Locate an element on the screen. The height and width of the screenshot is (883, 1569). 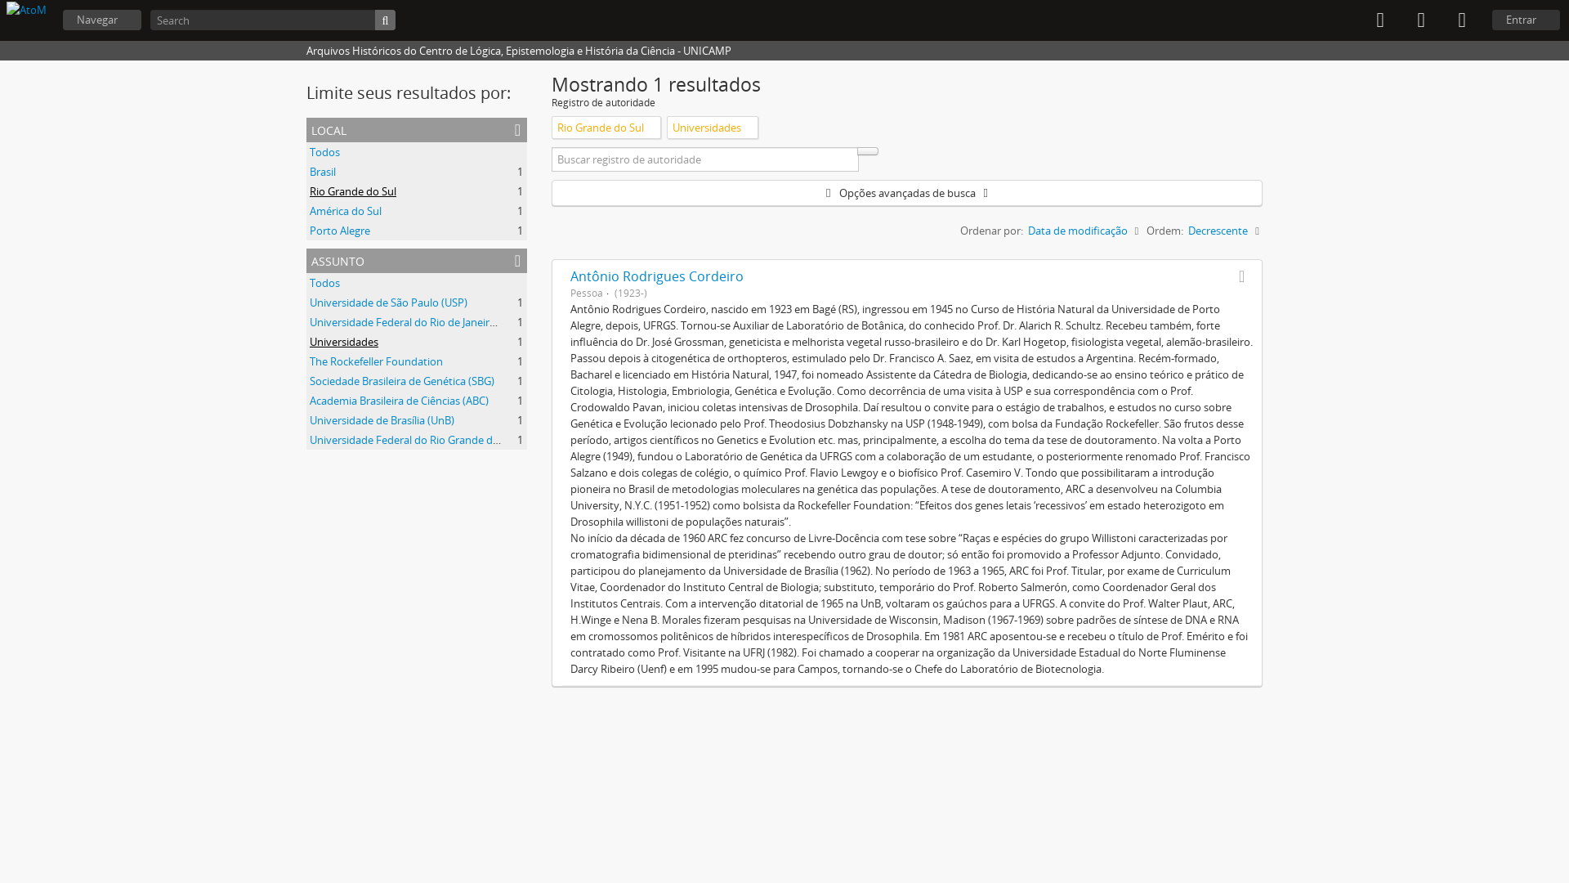
'Porto Alegre' is located at coordinates (339, 230).